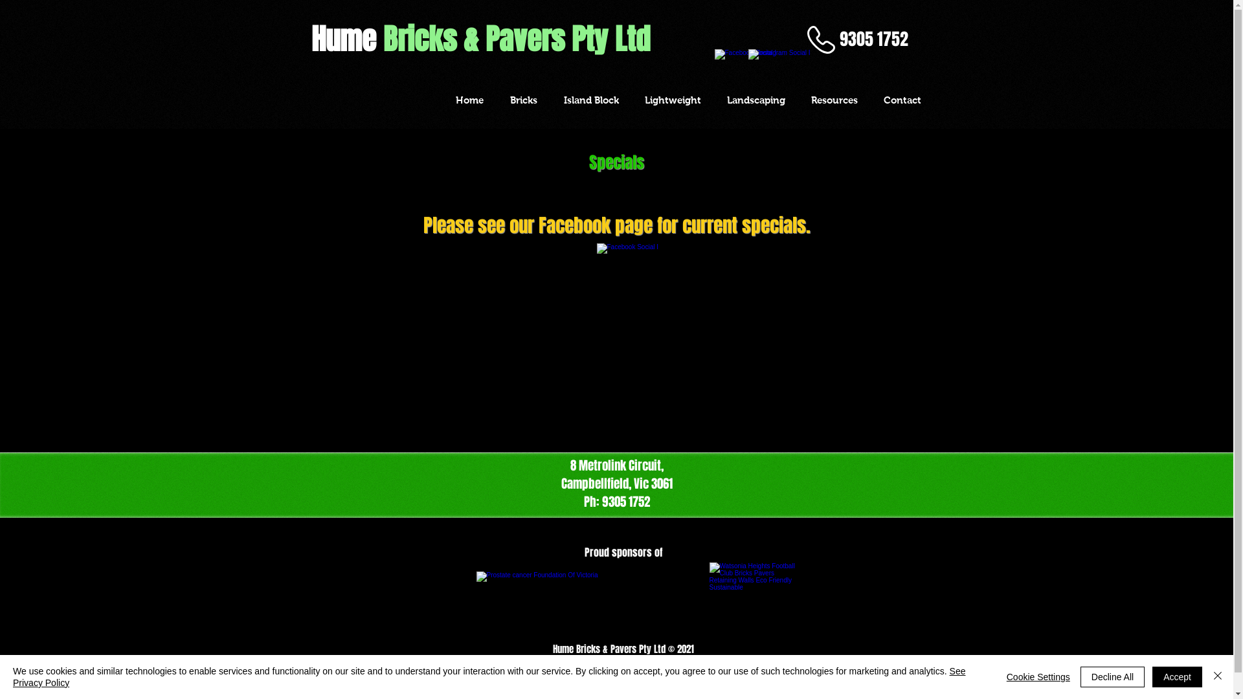  I want to click on 'Home', so click(469, 99).